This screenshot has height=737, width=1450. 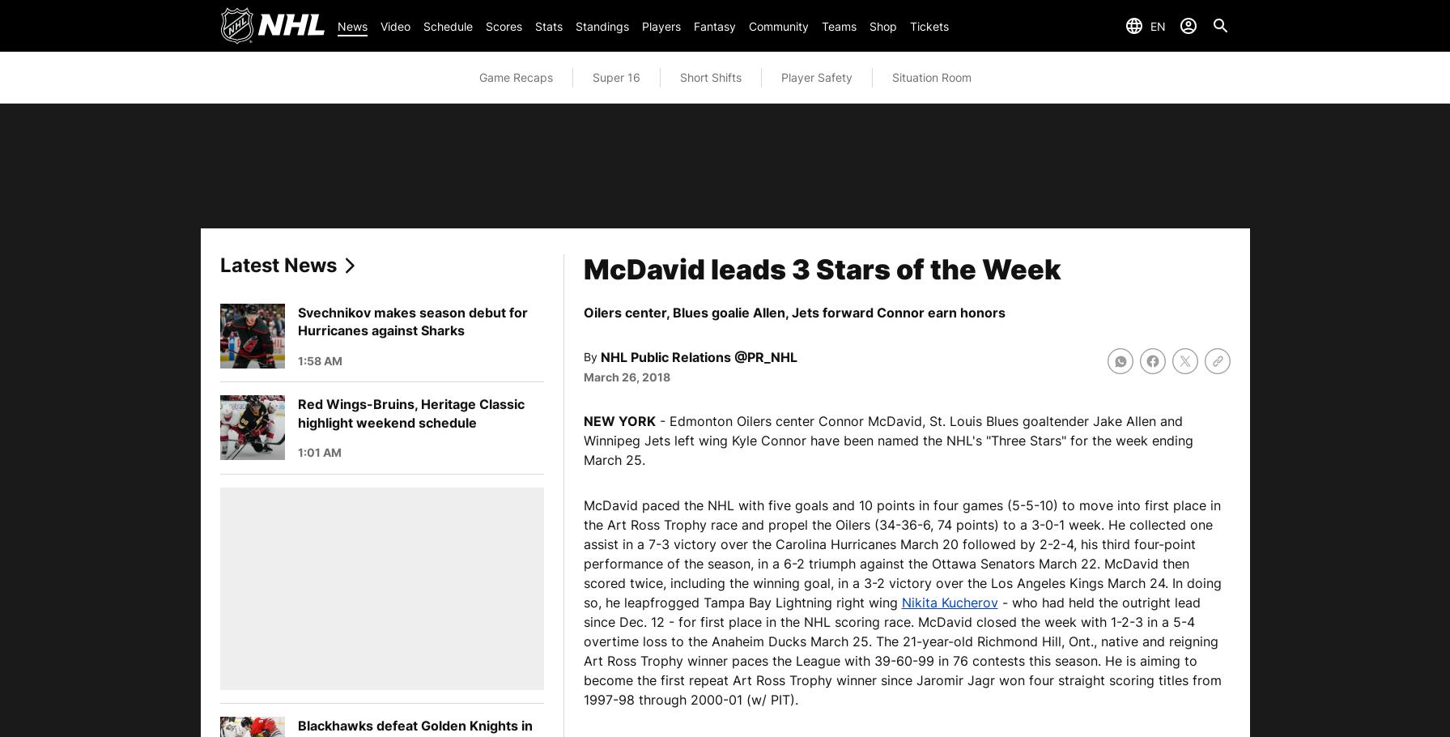 I want to click on 'NEW YORK', so click(x=582, y=420).